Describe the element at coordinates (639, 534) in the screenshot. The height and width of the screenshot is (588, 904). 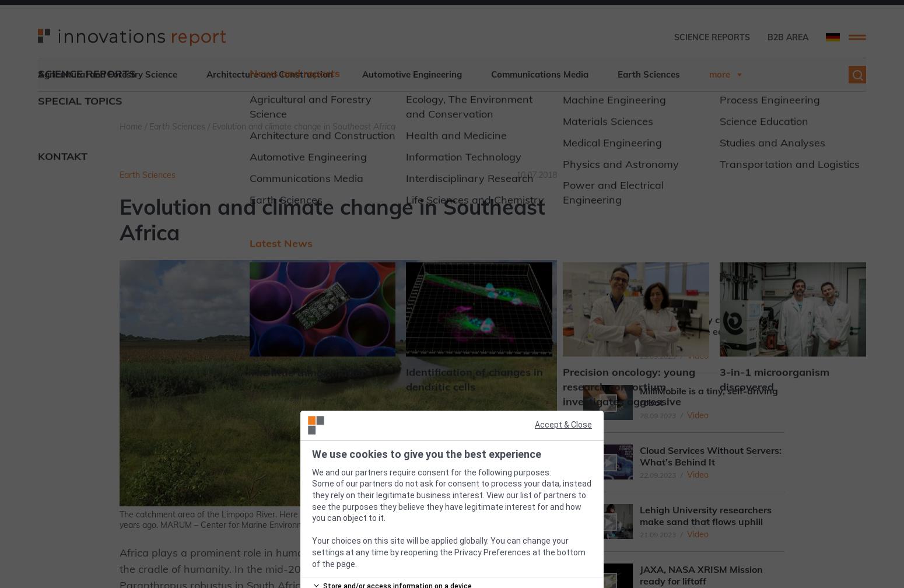
I see `'21.09.2023'` at that location.